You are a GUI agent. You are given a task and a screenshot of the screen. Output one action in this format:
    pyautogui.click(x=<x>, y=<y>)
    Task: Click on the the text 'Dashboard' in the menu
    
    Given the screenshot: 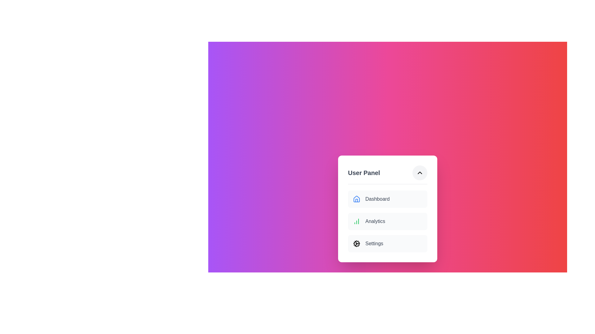 What is the action you would take?
    pyautogui.click(x=387, y=199)
    